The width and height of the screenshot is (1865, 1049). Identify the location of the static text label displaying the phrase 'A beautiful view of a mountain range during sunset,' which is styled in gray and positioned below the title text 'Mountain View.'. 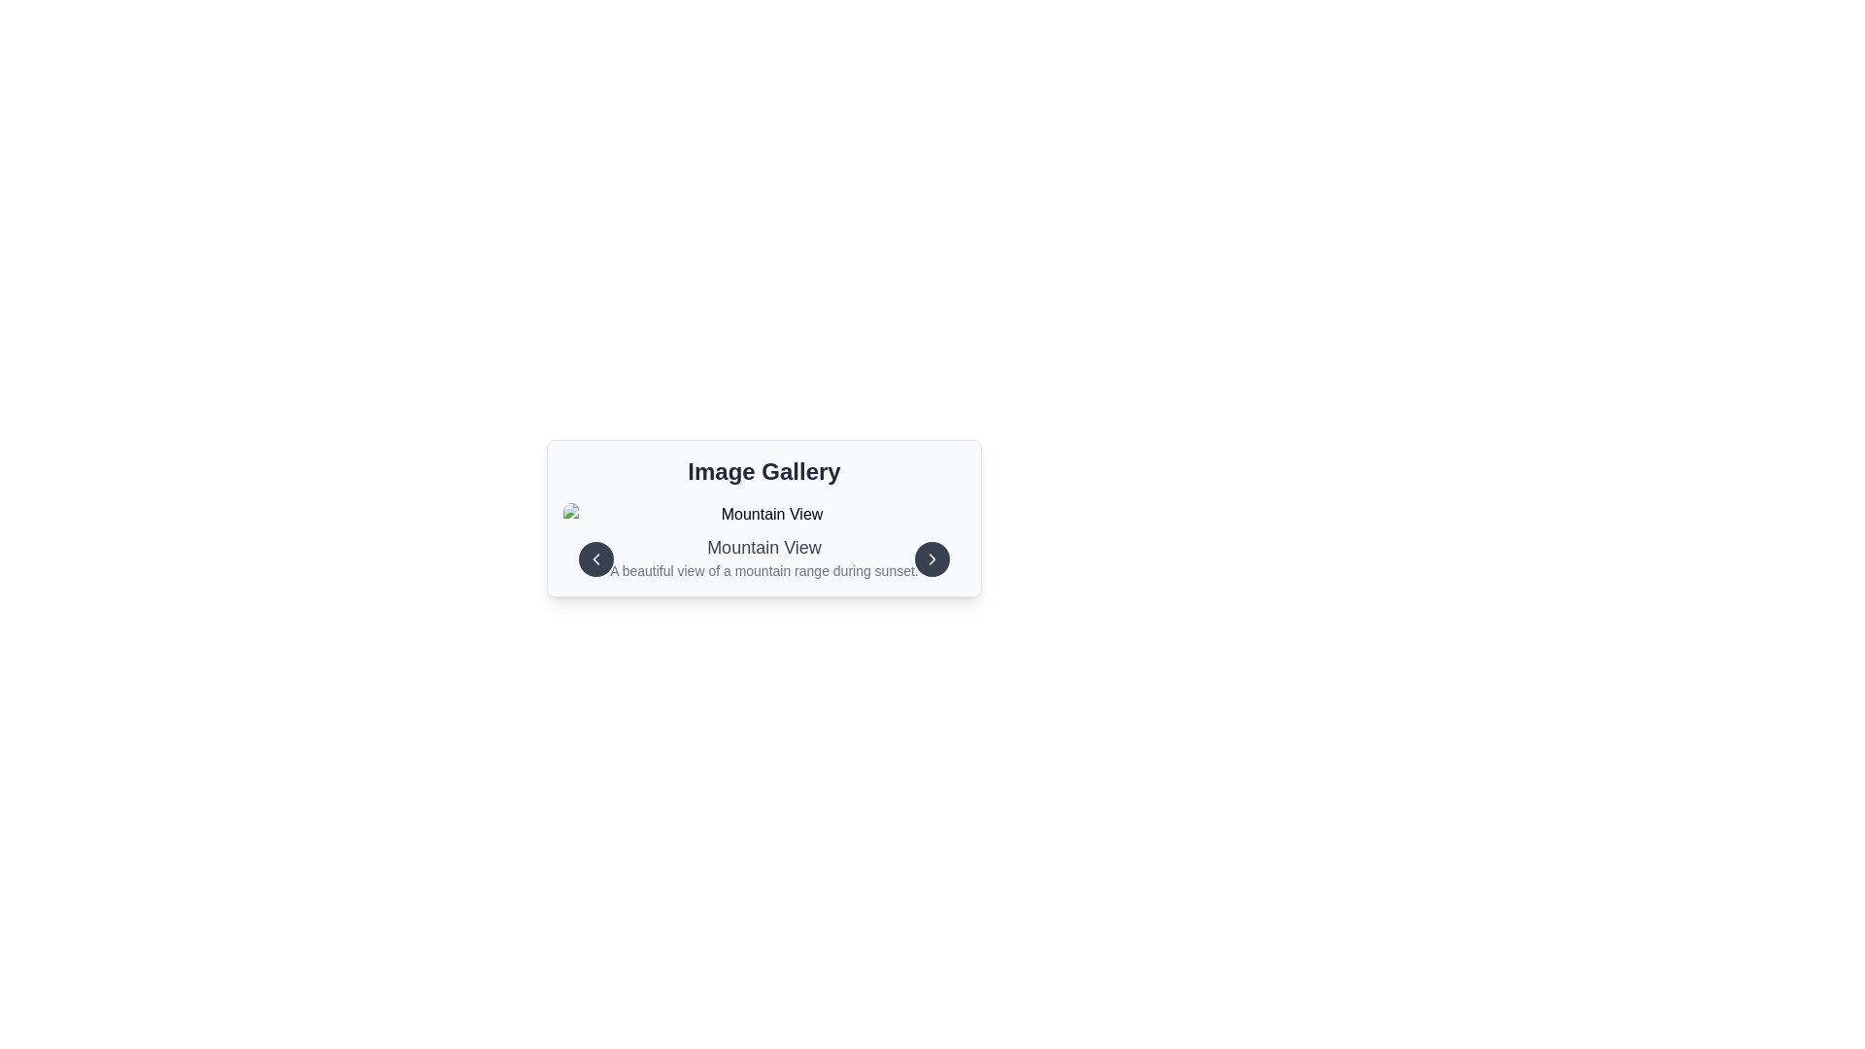
(763, 569).